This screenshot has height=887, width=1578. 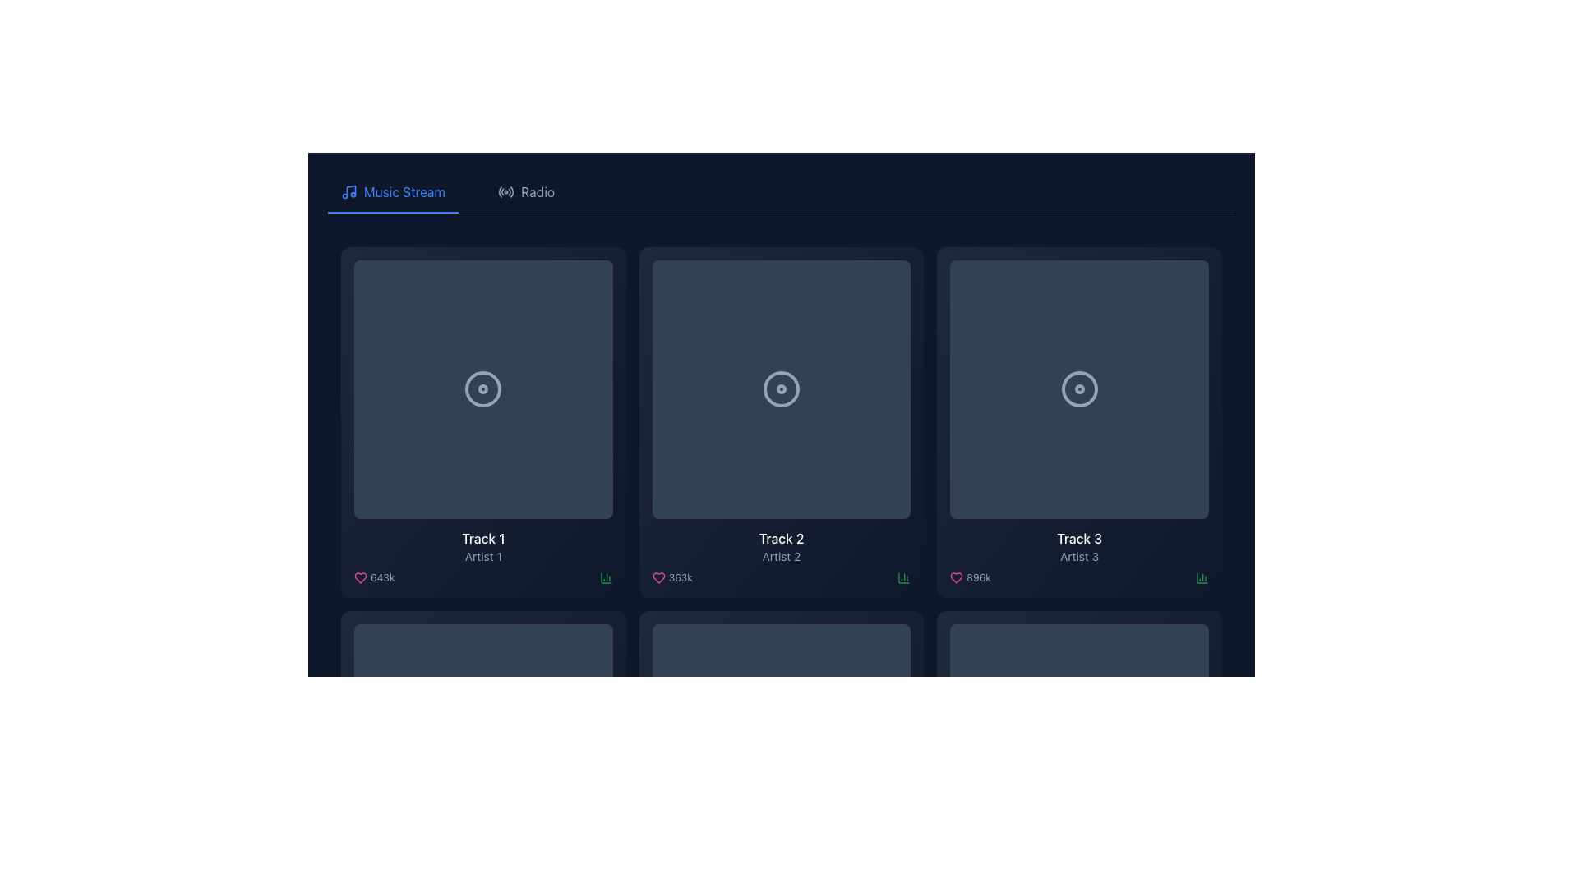 What do you see at coordinates (782, 389) in the screenshot?
I see `the play icon located at the center of the card labeled 'Track 2' by 'Artist 2'` at bounding box center [782, 389].